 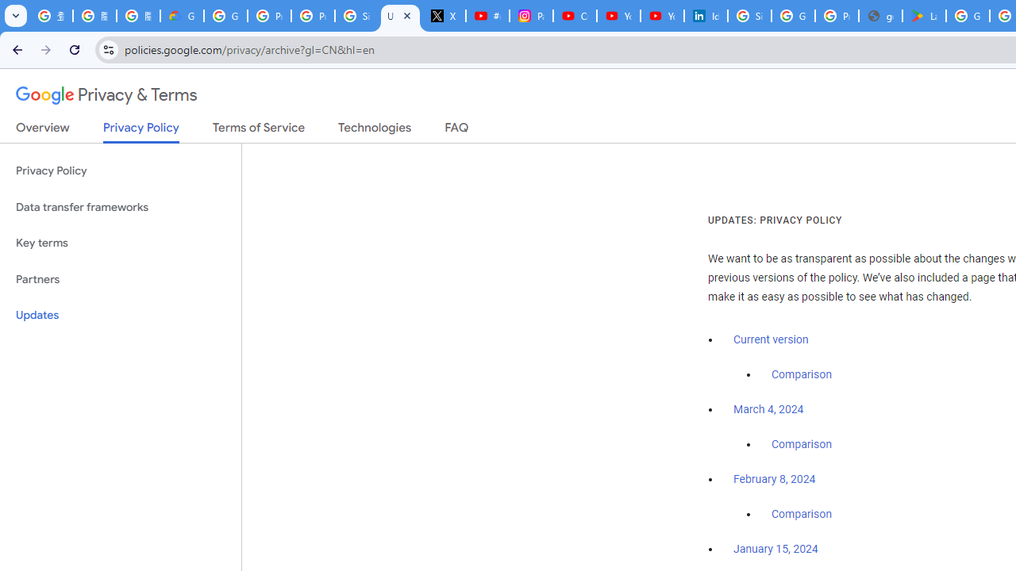 What do you see at coordinates (801, 515) in the screenshot?
I see `'Comparison'` at bounding box center [801, 515].